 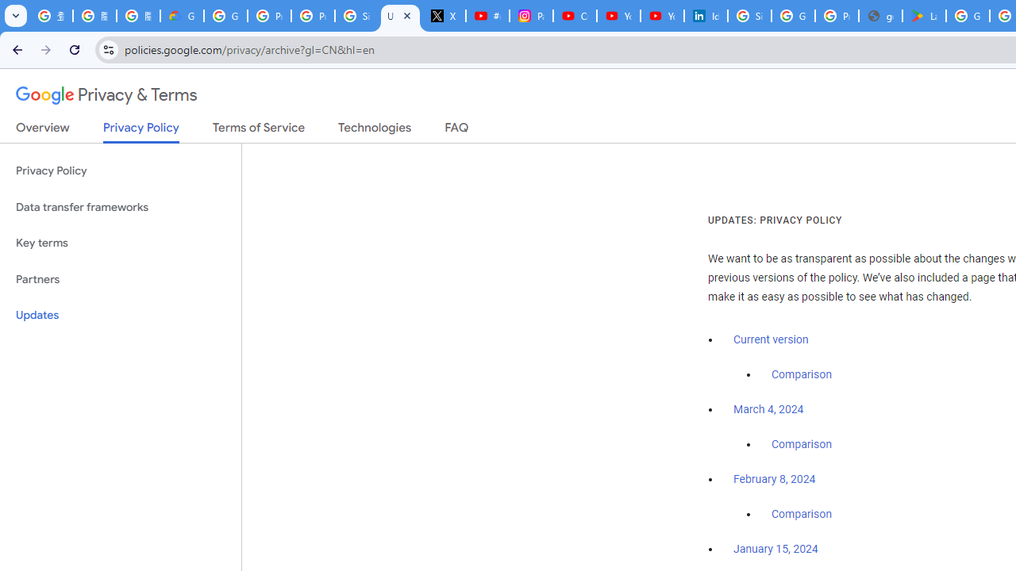 What do you see at coordinates (801, 515) in the screenshot?
I see `'Comparison'` at bounding box center [801, 515].